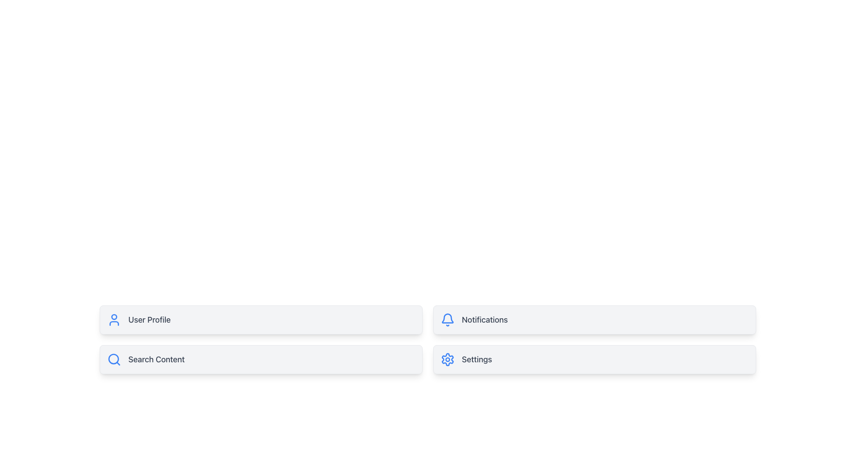  I want to click on the 'Settings' icon located at the bottom-right corner of the interface, which serves as a visual indicator for accessing configuration options, so click(447, 360).